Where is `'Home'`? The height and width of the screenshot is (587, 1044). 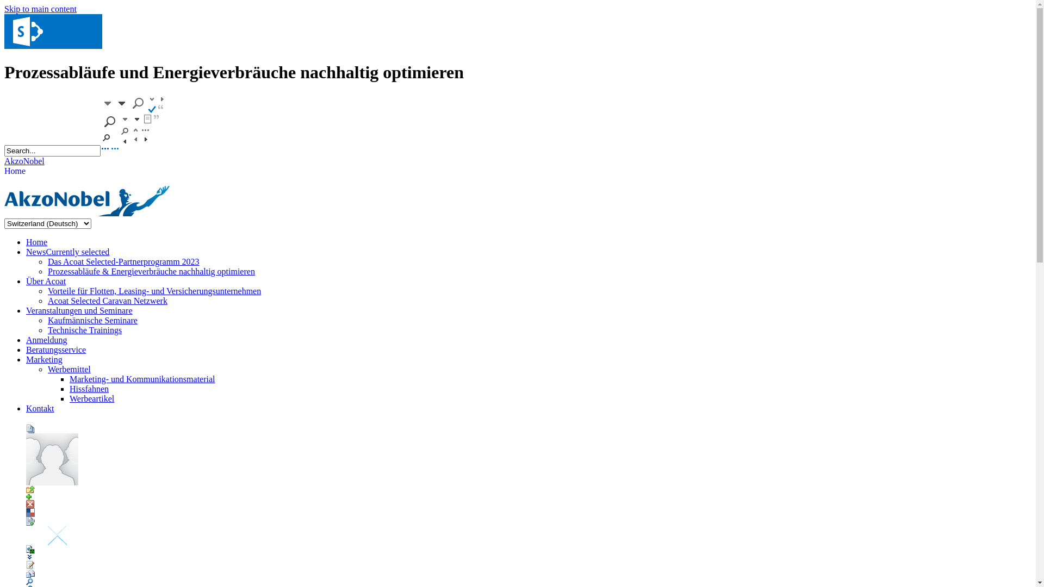
'Home' is located at coordinates (15, 171).